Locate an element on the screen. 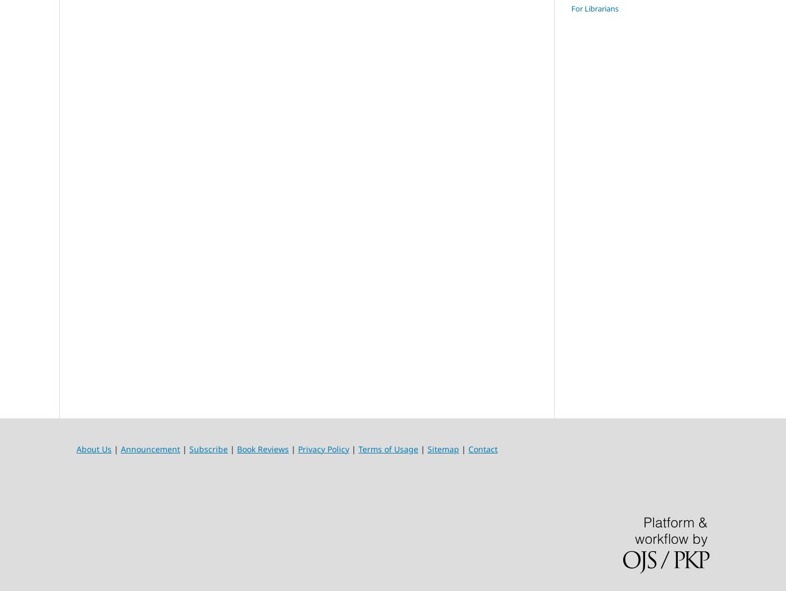 The height and width of the screenshot is (591, 786). 'Book Reviews' is located at coordinates (263, 448).